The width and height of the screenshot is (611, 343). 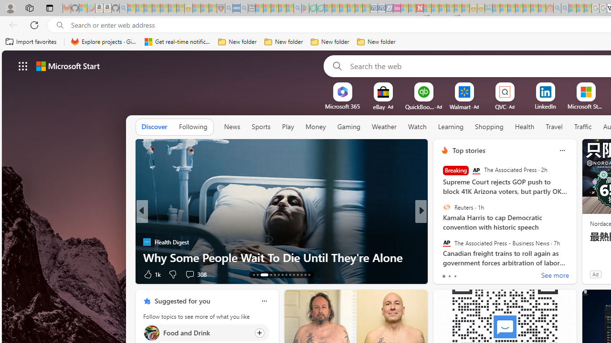 What do you see at coordinates (440, 226) in the screenshot?
I see `'ZDNet'` at bounding box center [440, 226].